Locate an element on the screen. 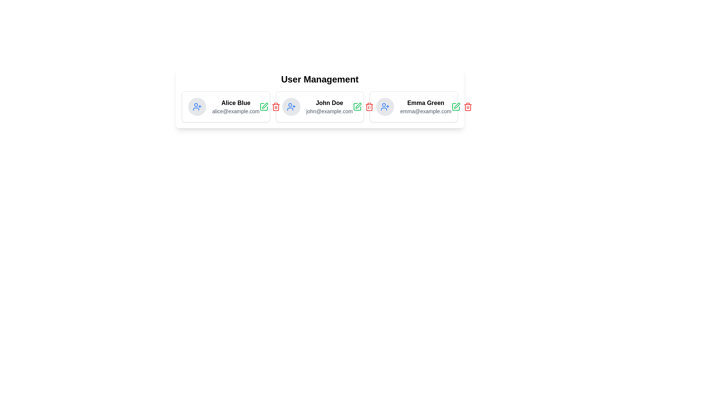 The width and height of the screenshot is (720, 405). the text display element that shows 'alice@example.com', which is located under the user name 'Alice Blue' in the user card layout is located at coordinates (235, 111).